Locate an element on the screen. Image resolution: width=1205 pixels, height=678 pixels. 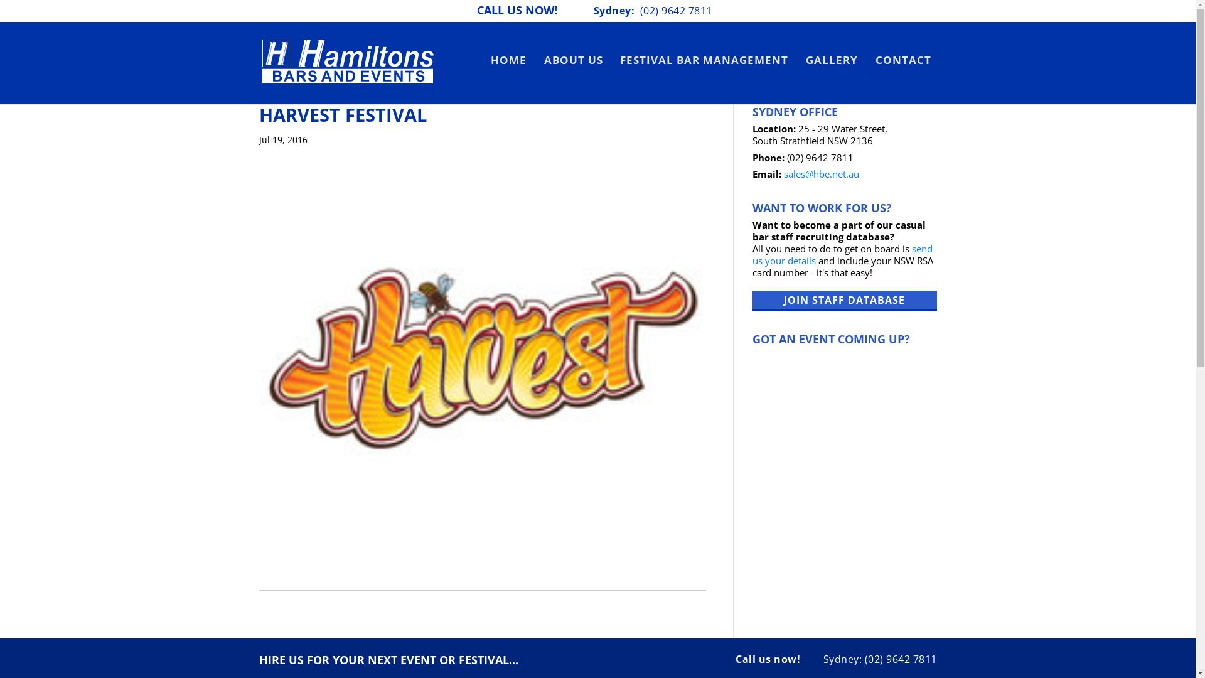
'HOME' is located at coordinates (508, 62).